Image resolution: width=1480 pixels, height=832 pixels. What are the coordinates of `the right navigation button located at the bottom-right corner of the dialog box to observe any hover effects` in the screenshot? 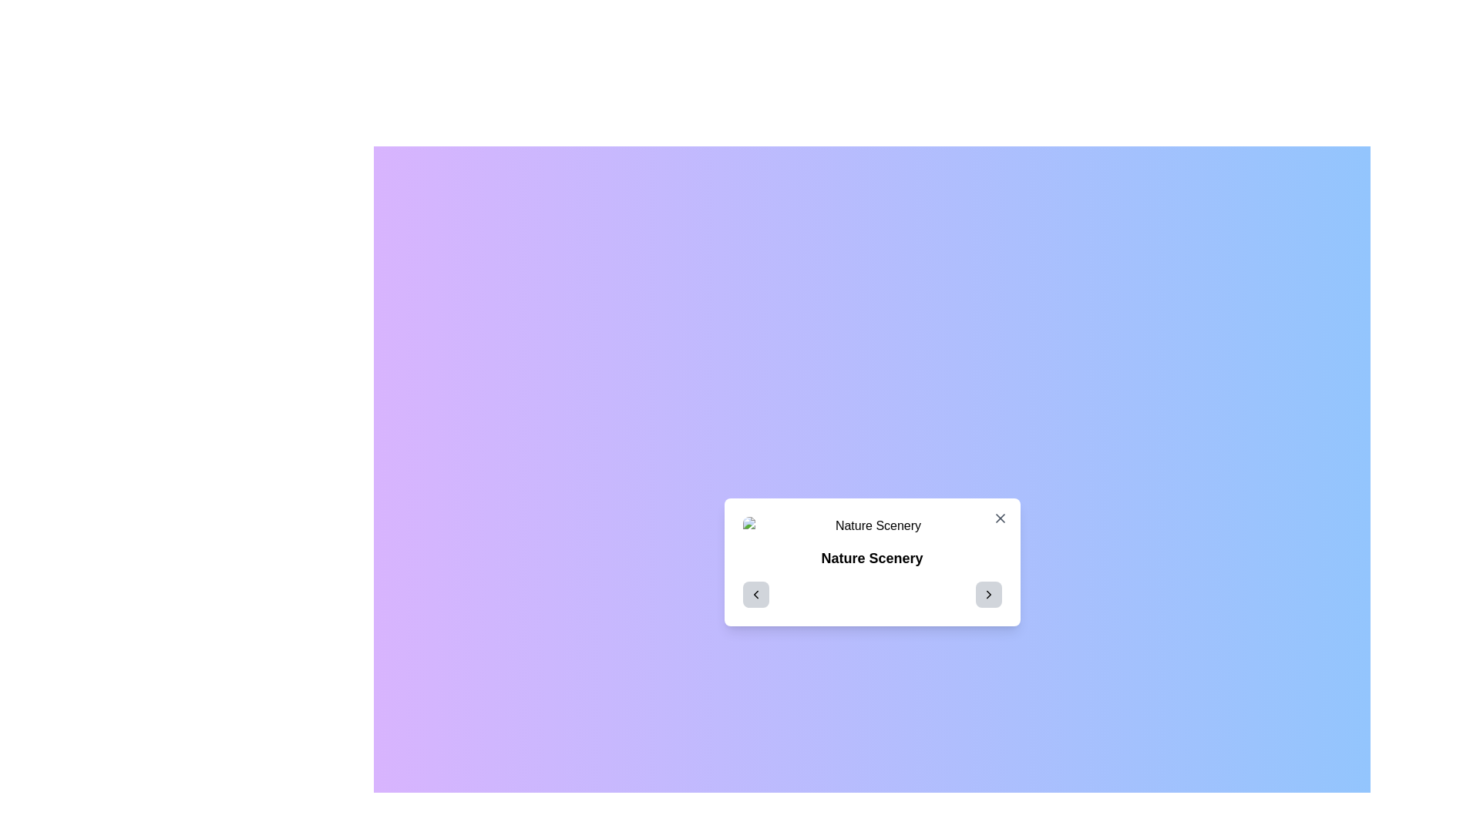 It's located at (988, 593).